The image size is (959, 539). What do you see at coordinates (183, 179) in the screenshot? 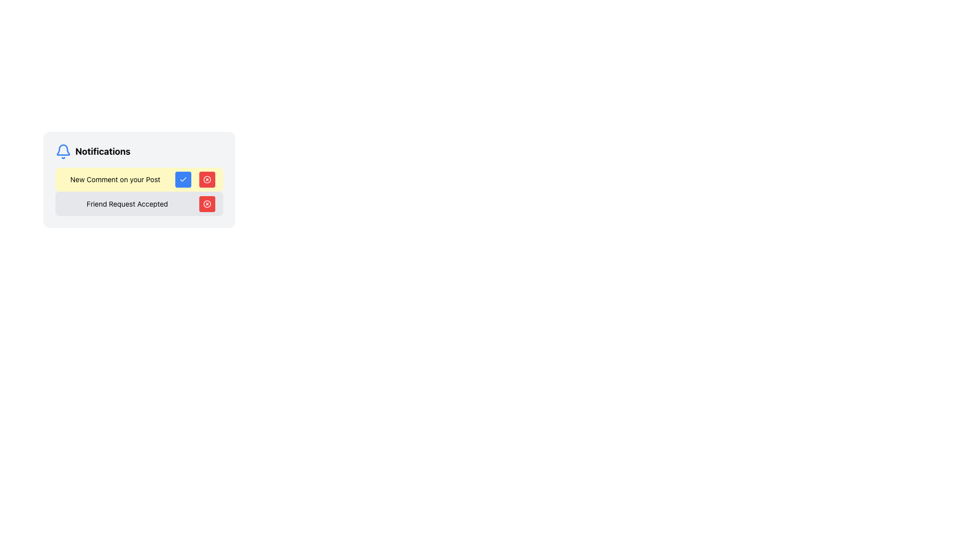
I see `the checkmark icon button, which is enclosed in a blue circle, located within the notification interface following the 'New Comment on your Post' text` at bounding box center [183, 179].